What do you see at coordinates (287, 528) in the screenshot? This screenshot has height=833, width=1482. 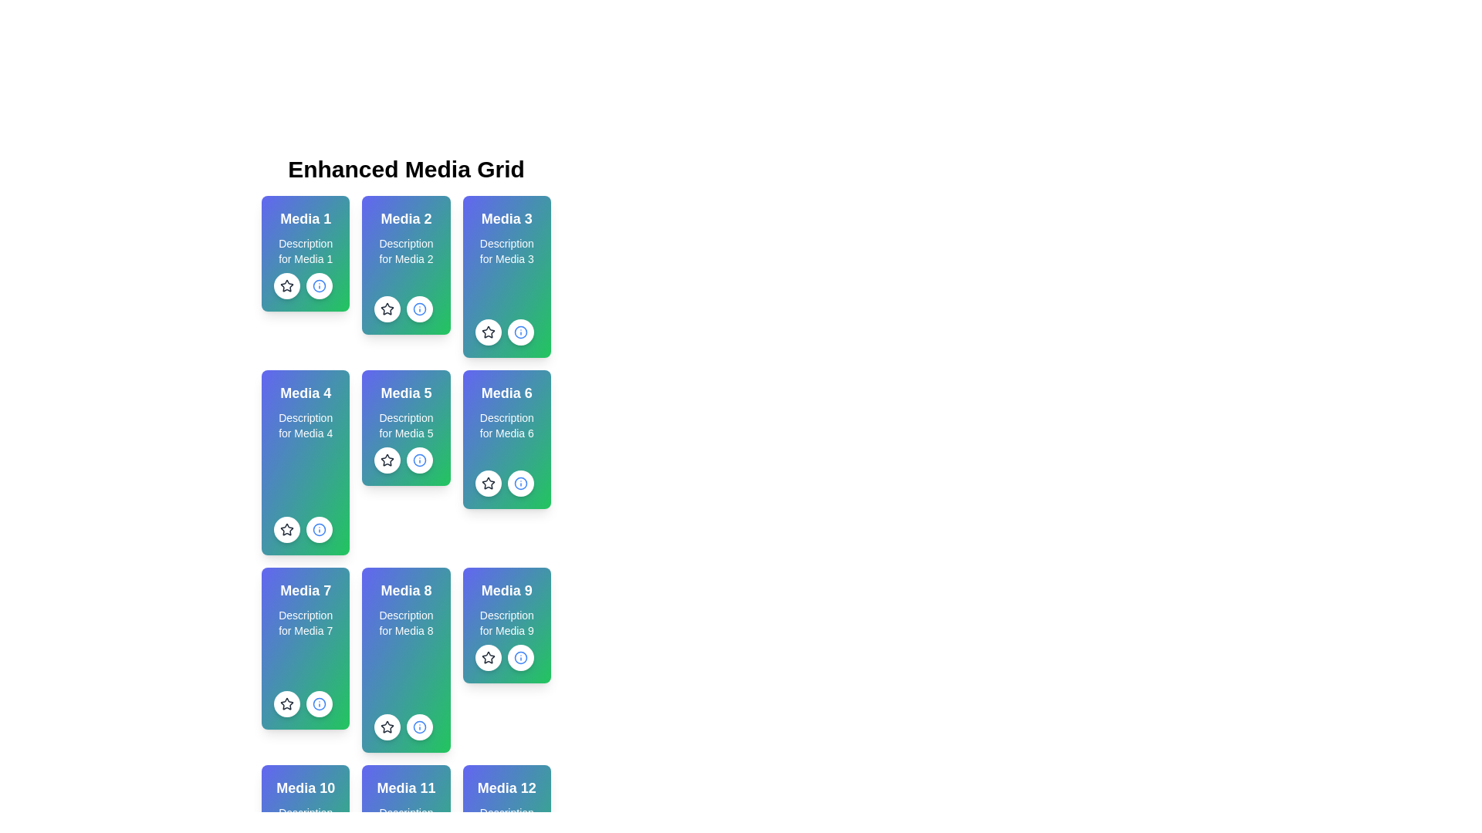 I see `the first button located at the bottom-left corner of the fourth card labeled 'Media 4' in the Enhanced Media Grid layout` at bounding box center [287, 528].